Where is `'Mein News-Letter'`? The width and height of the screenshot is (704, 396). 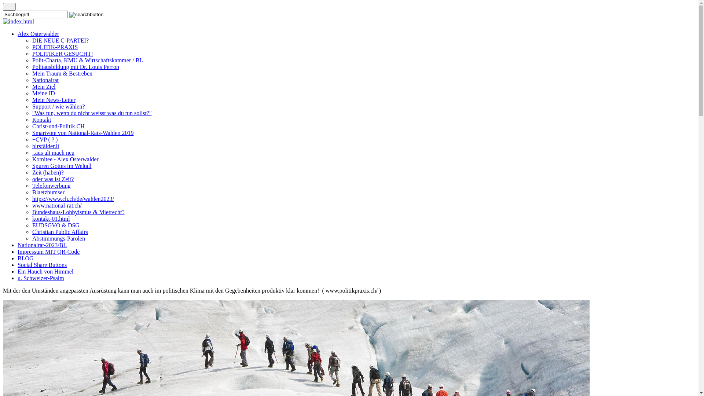
'Mein News-Letter' is located at coordinates (54, 100).